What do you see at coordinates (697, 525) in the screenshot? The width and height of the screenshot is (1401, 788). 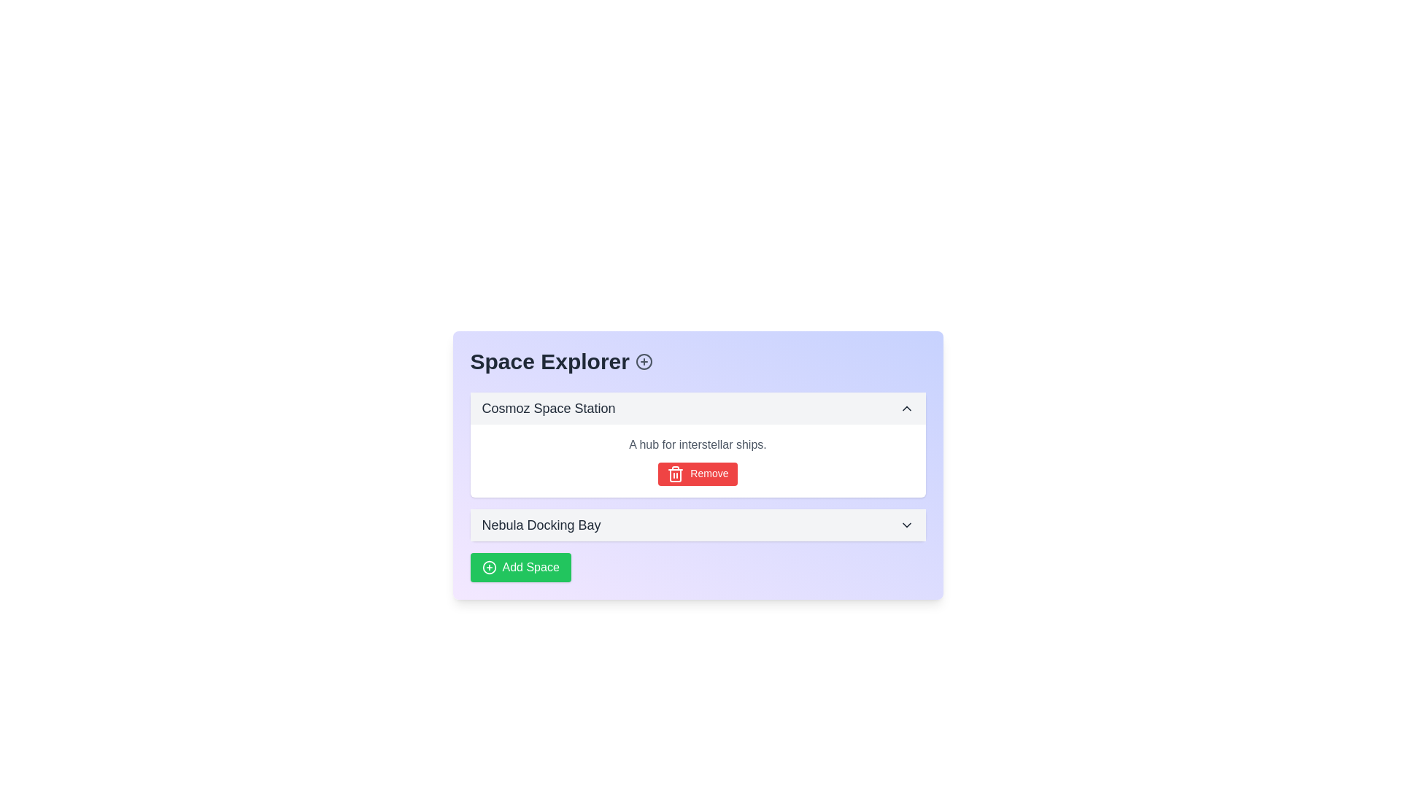 I see `the dropdown menu labeled 'Nebula Docking Bay'` at bounding box center [697, 525].